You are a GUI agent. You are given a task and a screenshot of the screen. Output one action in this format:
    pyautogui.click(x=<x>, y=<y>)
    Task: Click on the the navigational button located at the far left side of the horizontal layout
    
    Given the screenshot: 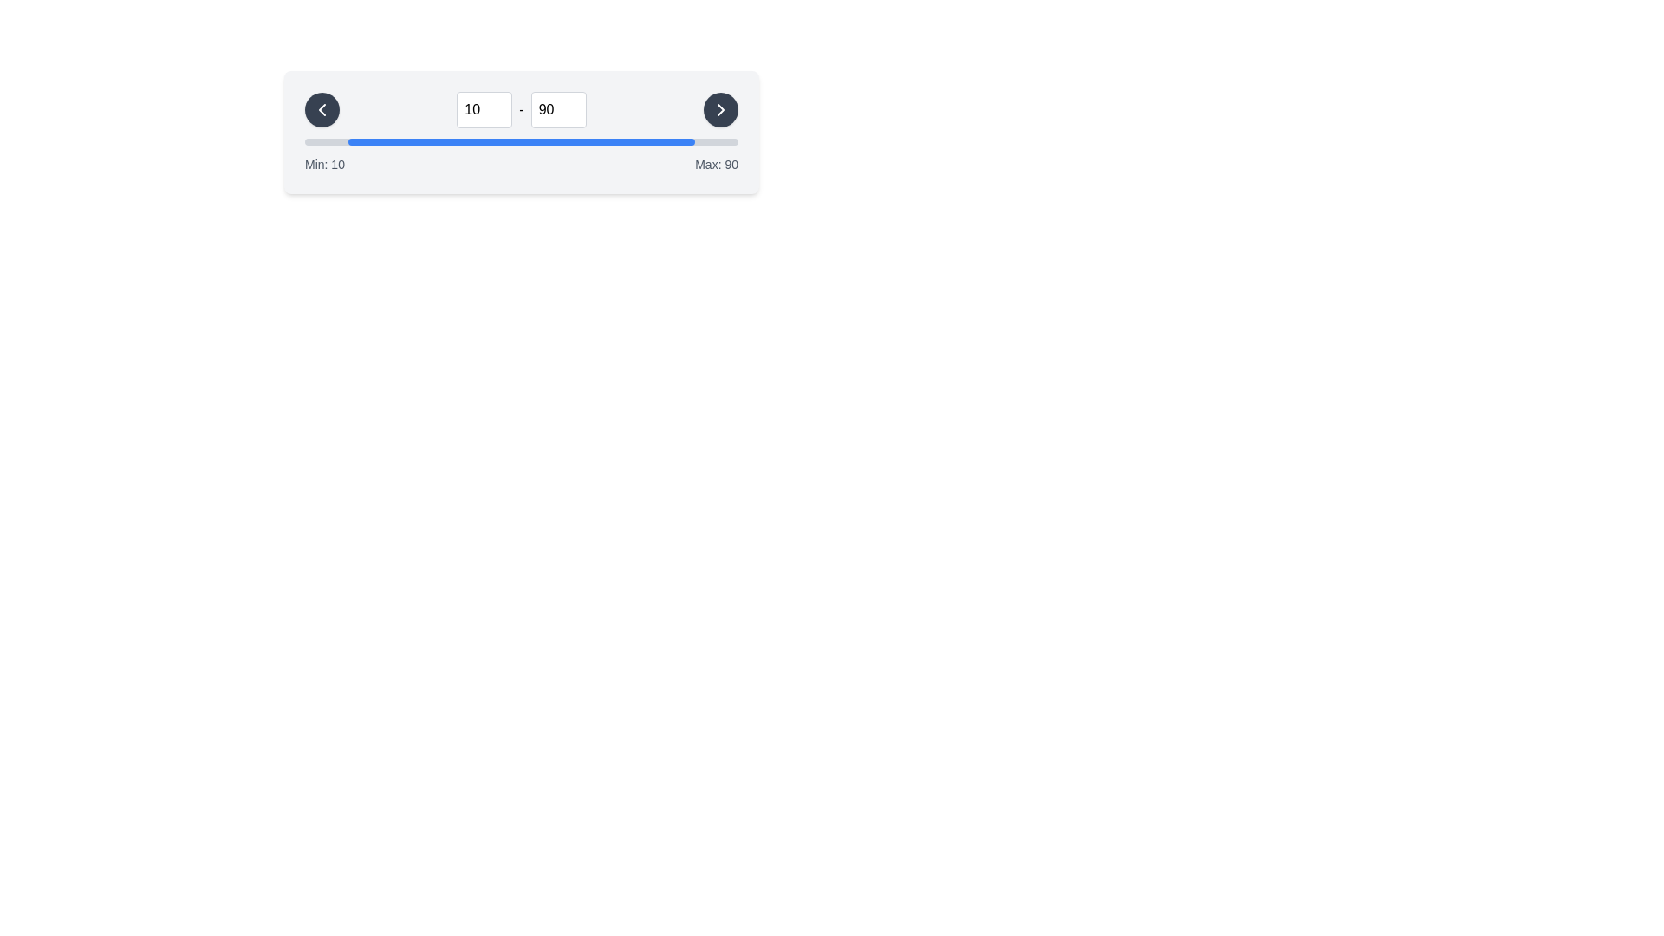 What is the action you would take?
    pyautogui.click(x=322, y=110)
    